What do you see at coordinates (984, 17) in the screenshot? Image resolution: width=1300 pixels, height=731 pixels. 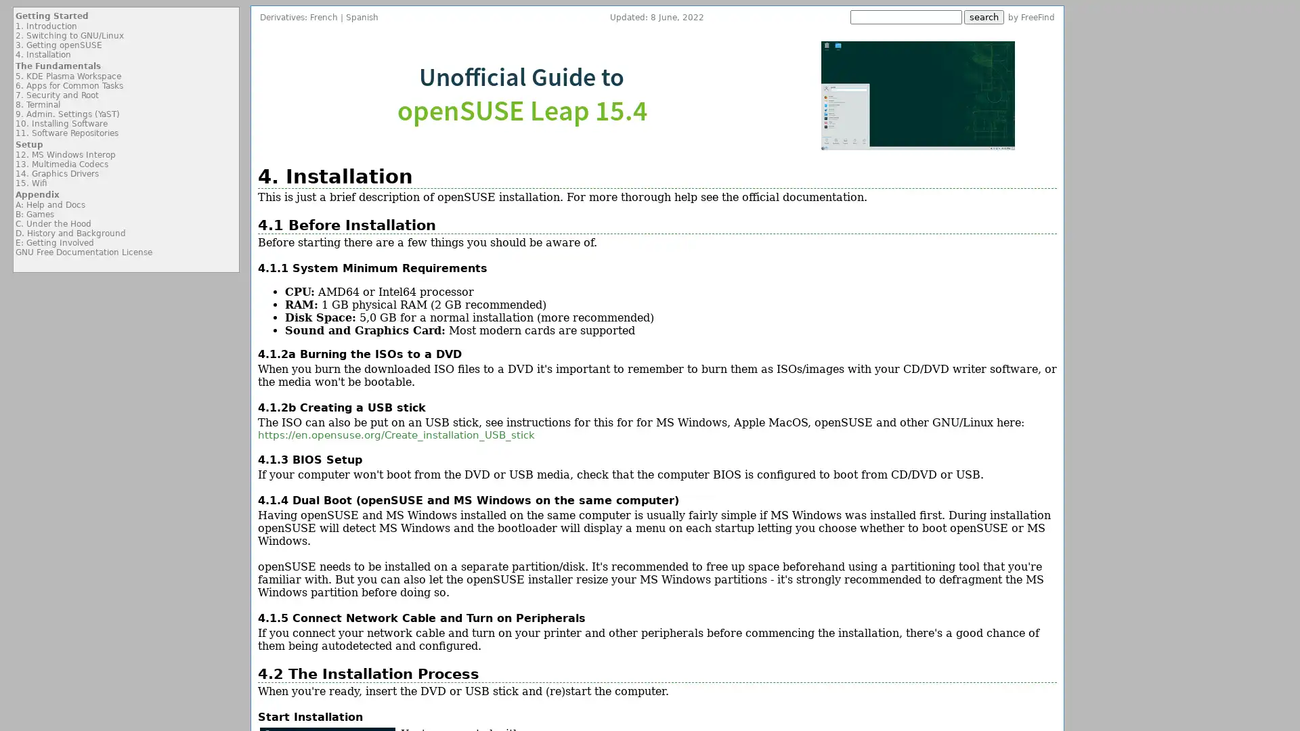 I see `search` at bounding box center [984, 17].